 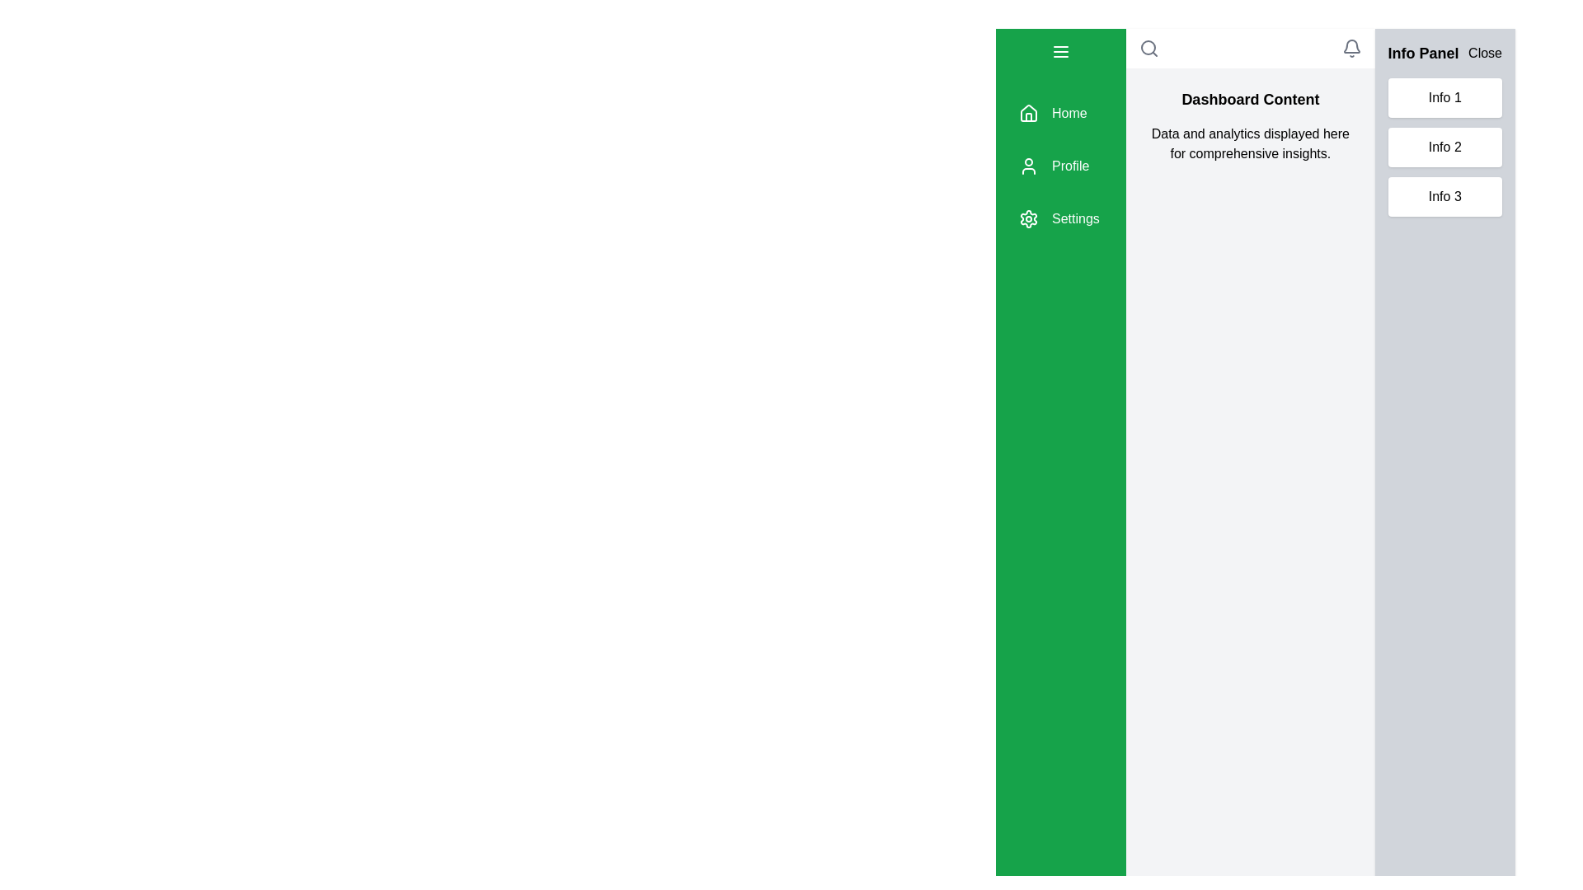 I want to click on the user icon outlined in green located in the vertical navigation bar, adjacent to the 'Profile' text, so click(x=1028, y=166).